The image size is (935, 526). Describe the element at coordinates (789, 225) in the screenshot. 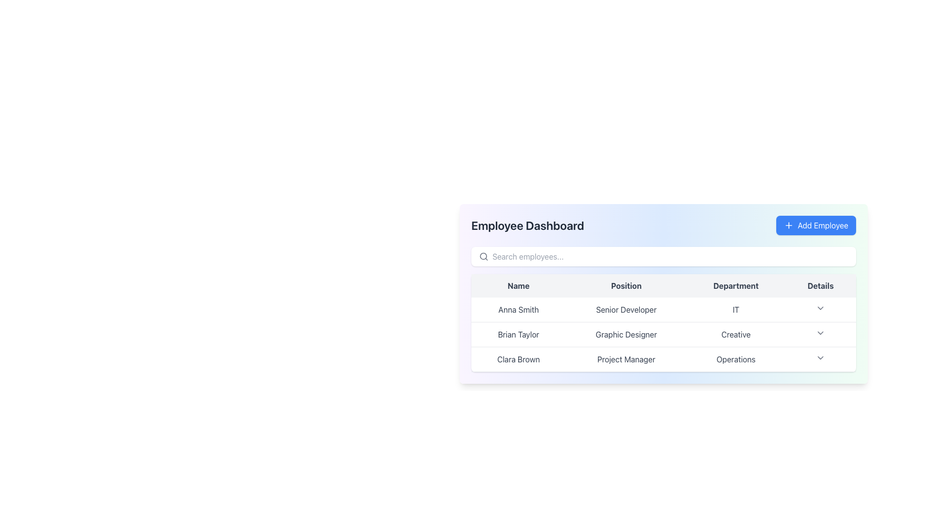

I see `the plus icon inside the blue 'Add Employee' button` at that location.